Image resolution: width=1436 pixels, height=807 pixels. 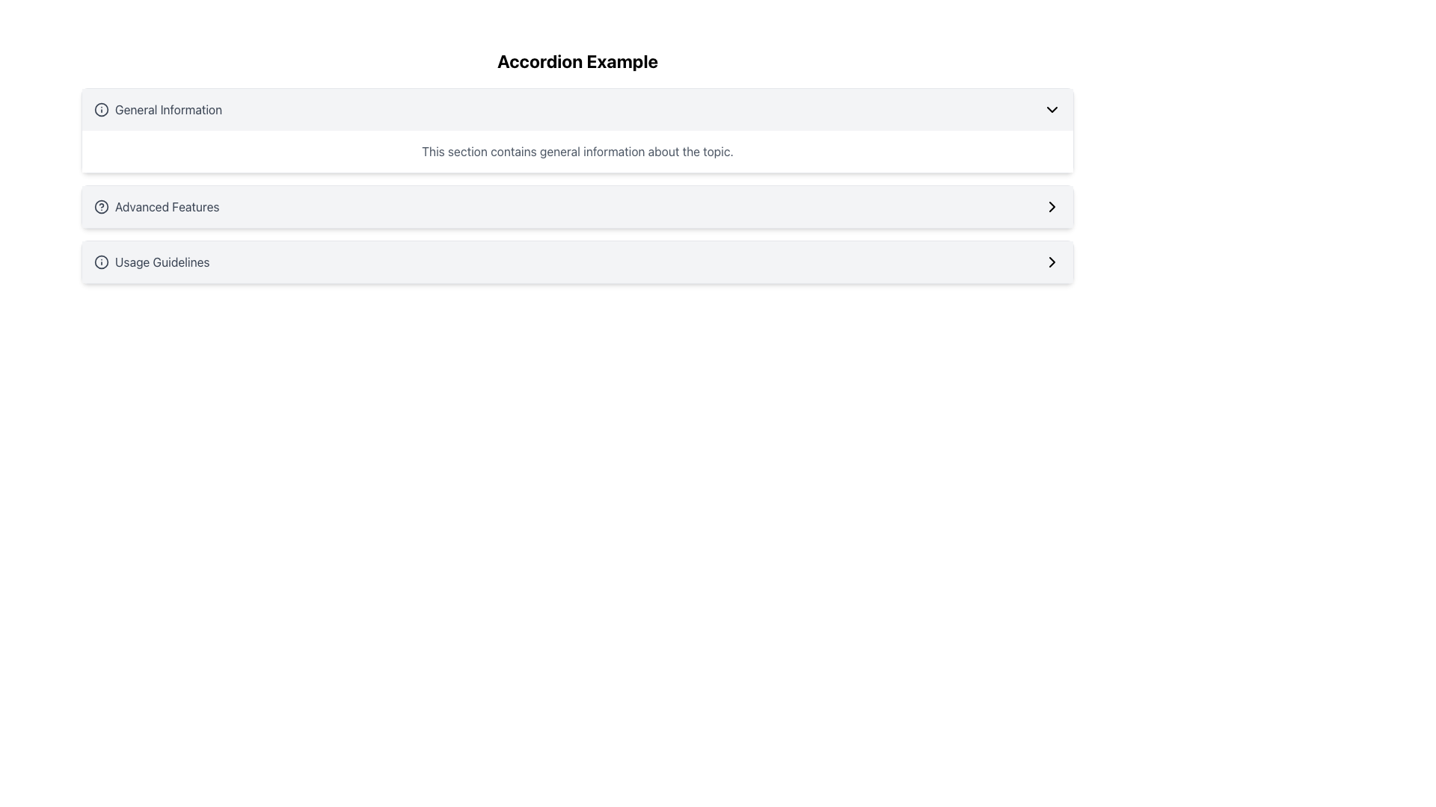 What do you see at coordinates (100, 108) in the screenshot?
I see `the circular information icon with an 'i' inside, positioned to the left of the text 'General Information', to trigger the tooltip` at bounding box center [100, 108].